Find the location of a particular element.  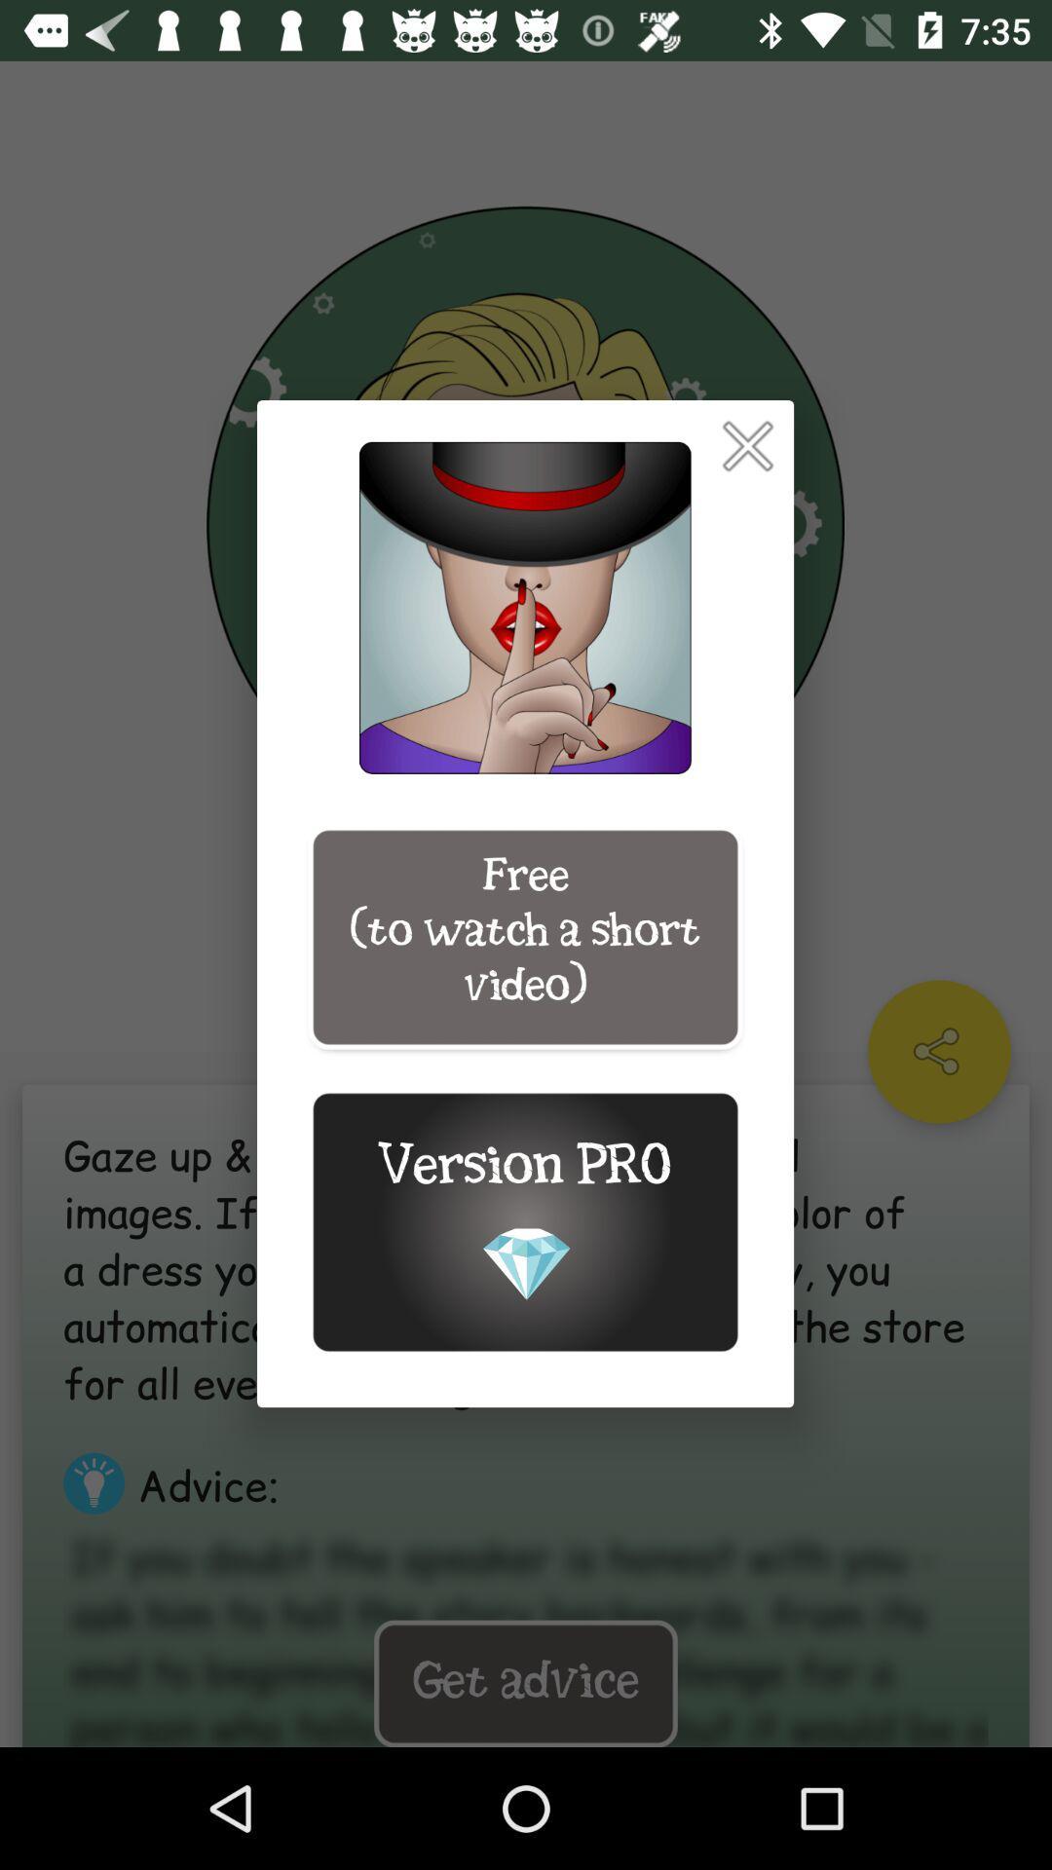

the icon below the free to watch icon is located at coordinates (524, 1221).